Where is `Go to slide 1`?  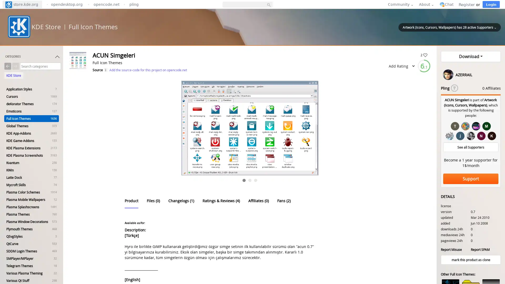 Go to slide 1 is located at coordinates (244, 180).